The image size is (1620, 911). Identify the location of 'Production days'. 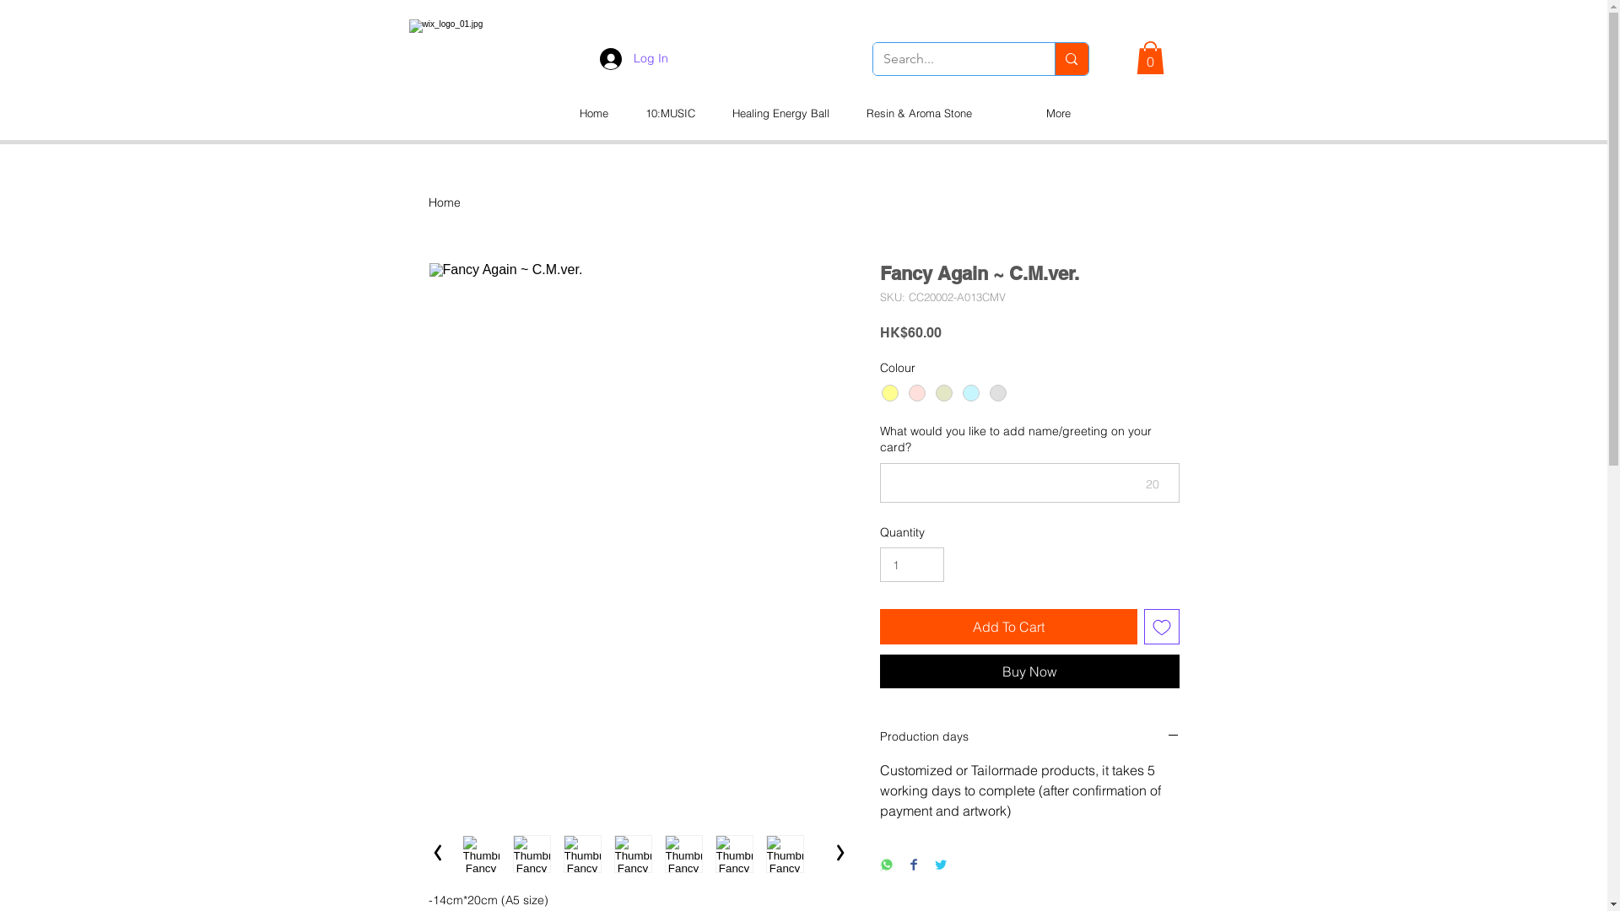
(1028, 736).